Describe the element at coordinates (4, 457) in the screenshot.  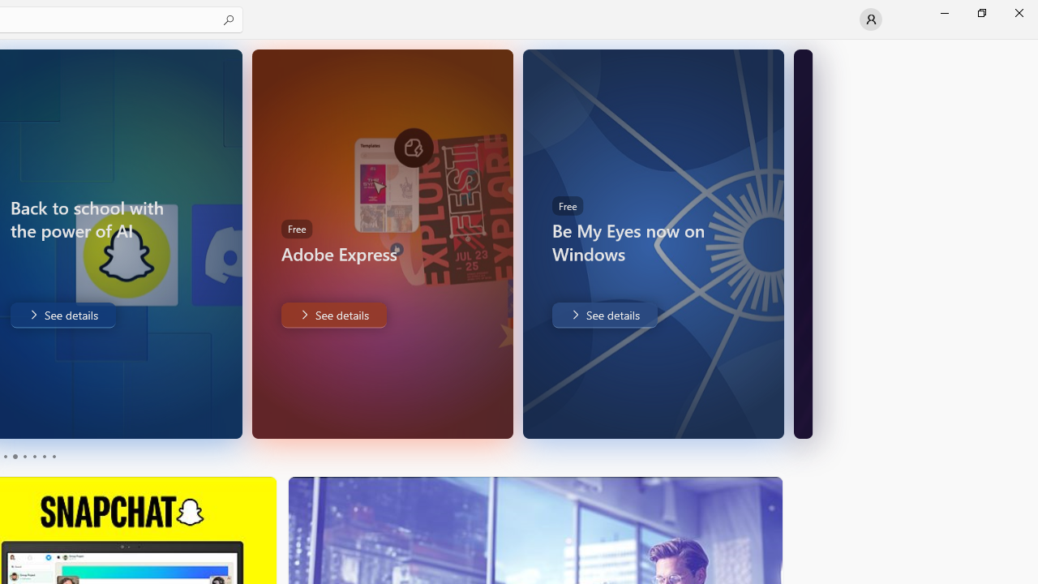
I see `'Page 1'` at that location.